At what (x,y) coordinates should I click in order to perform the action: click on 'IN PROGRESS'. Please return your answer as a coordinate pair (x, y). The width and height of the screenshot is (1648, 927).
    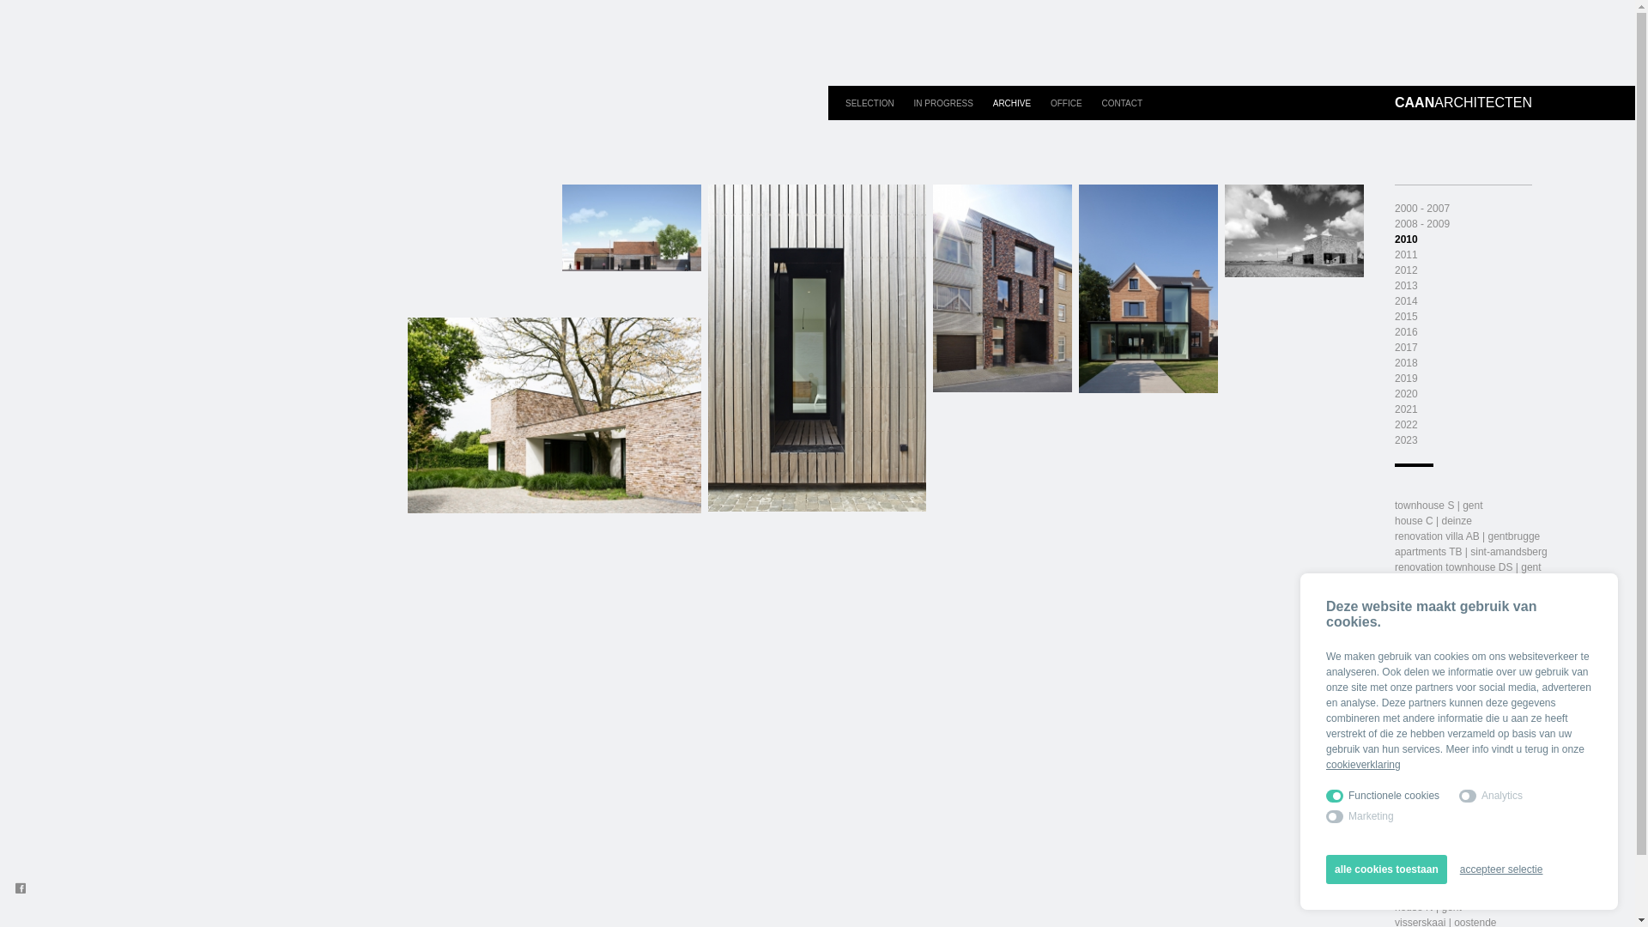
    Looking at the image, I should click on (942, 103).